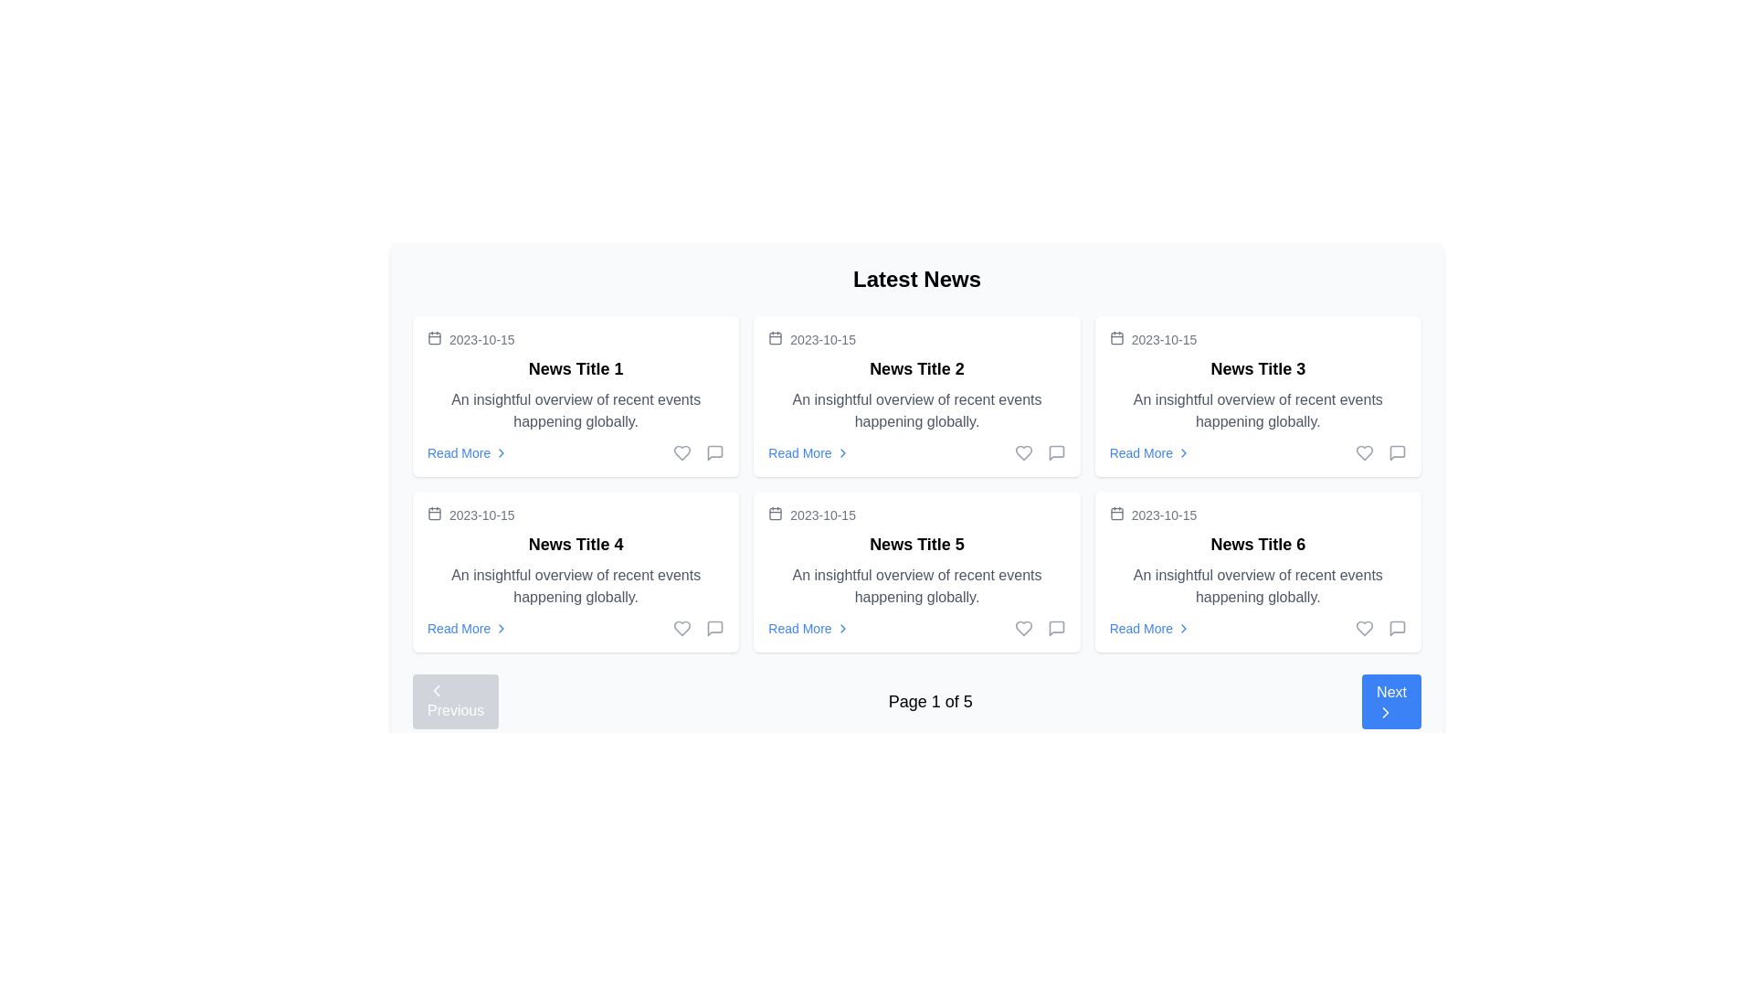 The image size is (1754, 987). Describe the element at coordinates (1115, 338) in the screenshot. I see `the calendar icon with a box outline located in the top-left section of the card labeled 'News Title 3', which also includes the date '2023-10-15'` at that location.